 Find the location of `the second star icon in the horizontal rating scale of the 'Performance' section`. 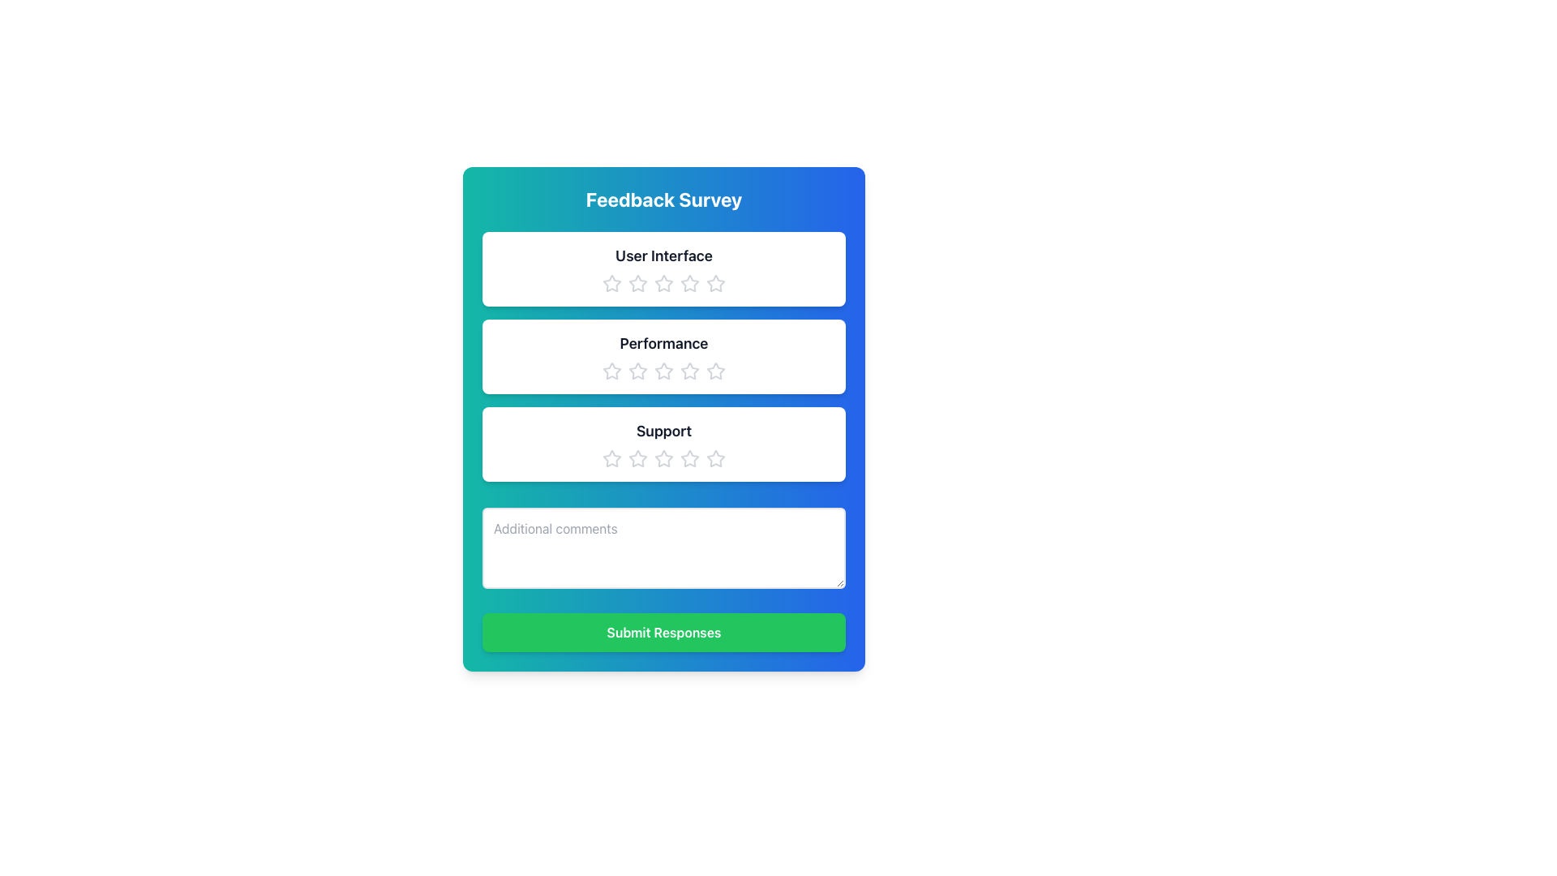

the second star icon in the horizontal rating scale of the 'Performance' section is located at coordinates (637, 371).